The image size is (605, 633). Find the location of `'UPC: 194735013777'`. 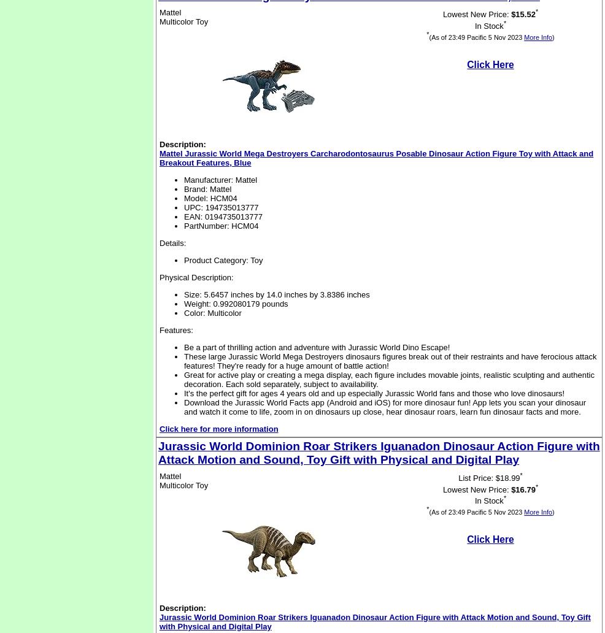

'UPC: 194735013777' is located at coordinates (220, 207).